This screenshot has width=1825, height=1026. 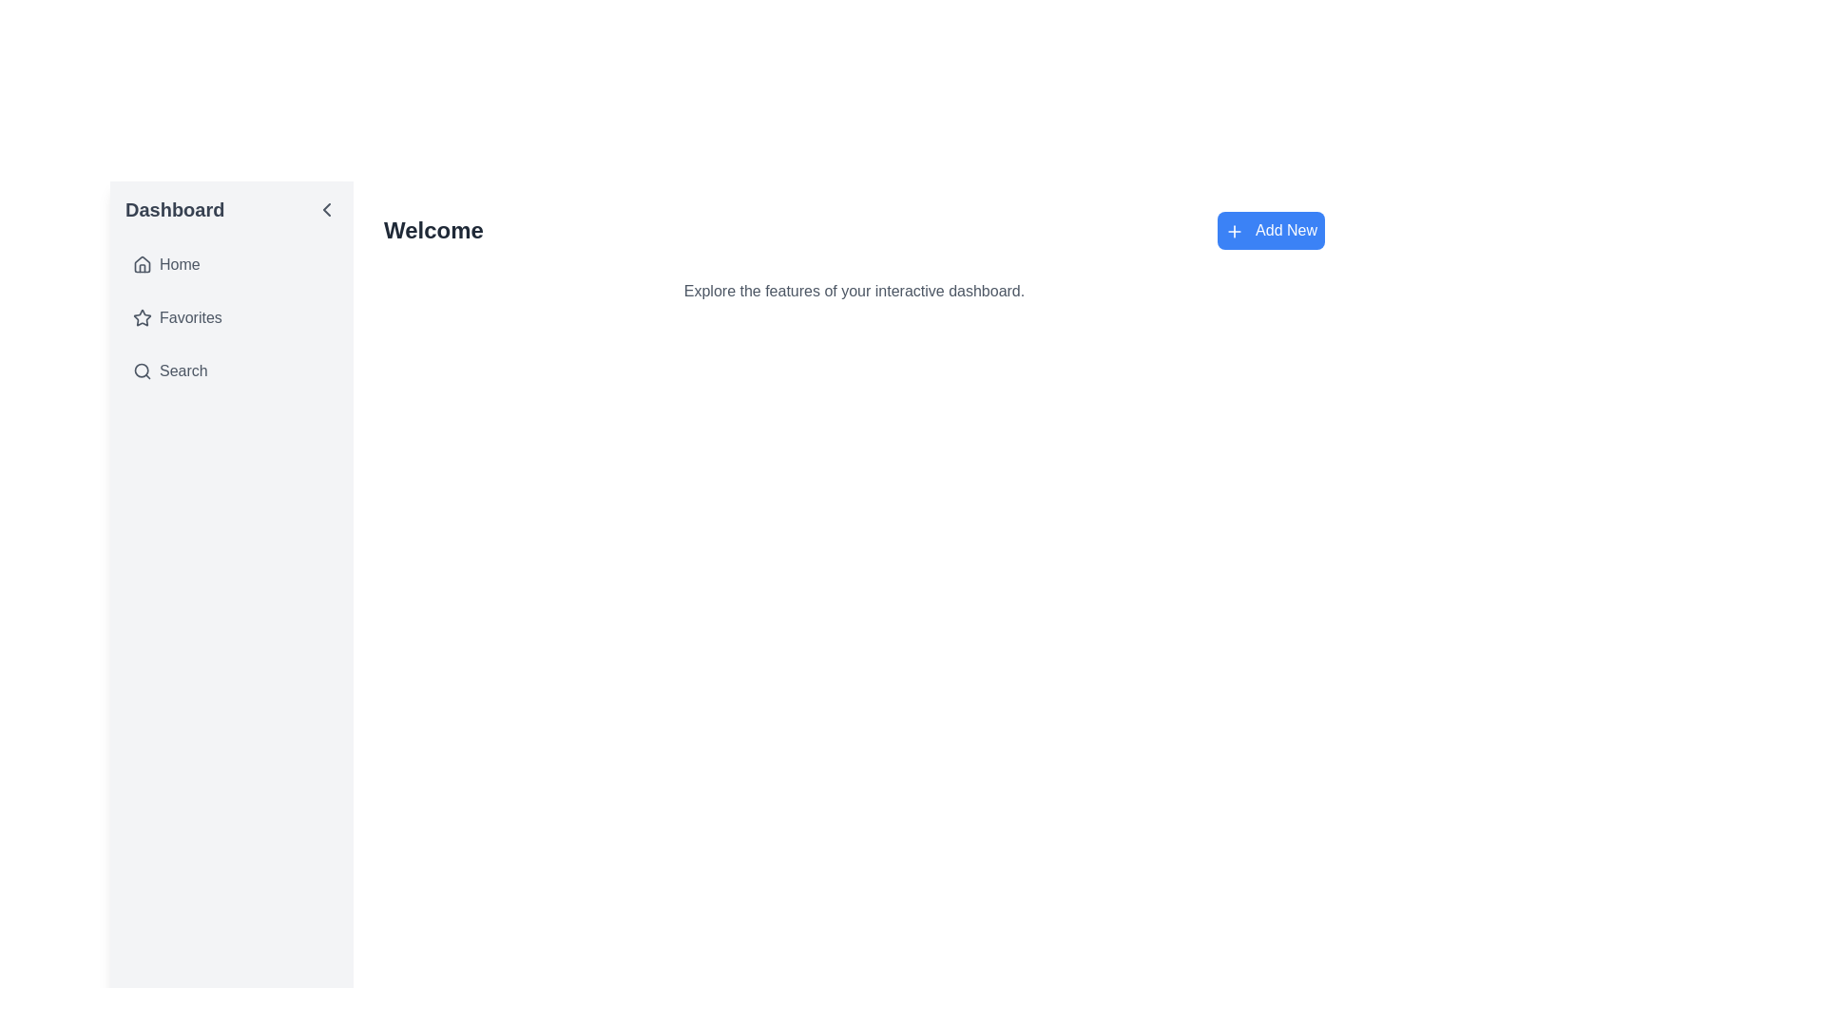 What do you see at coordinates (231, 317) in the screenshot?
I see `the 'Favorites' navigation item in the vertical menu` at bounding box center [231, 317].